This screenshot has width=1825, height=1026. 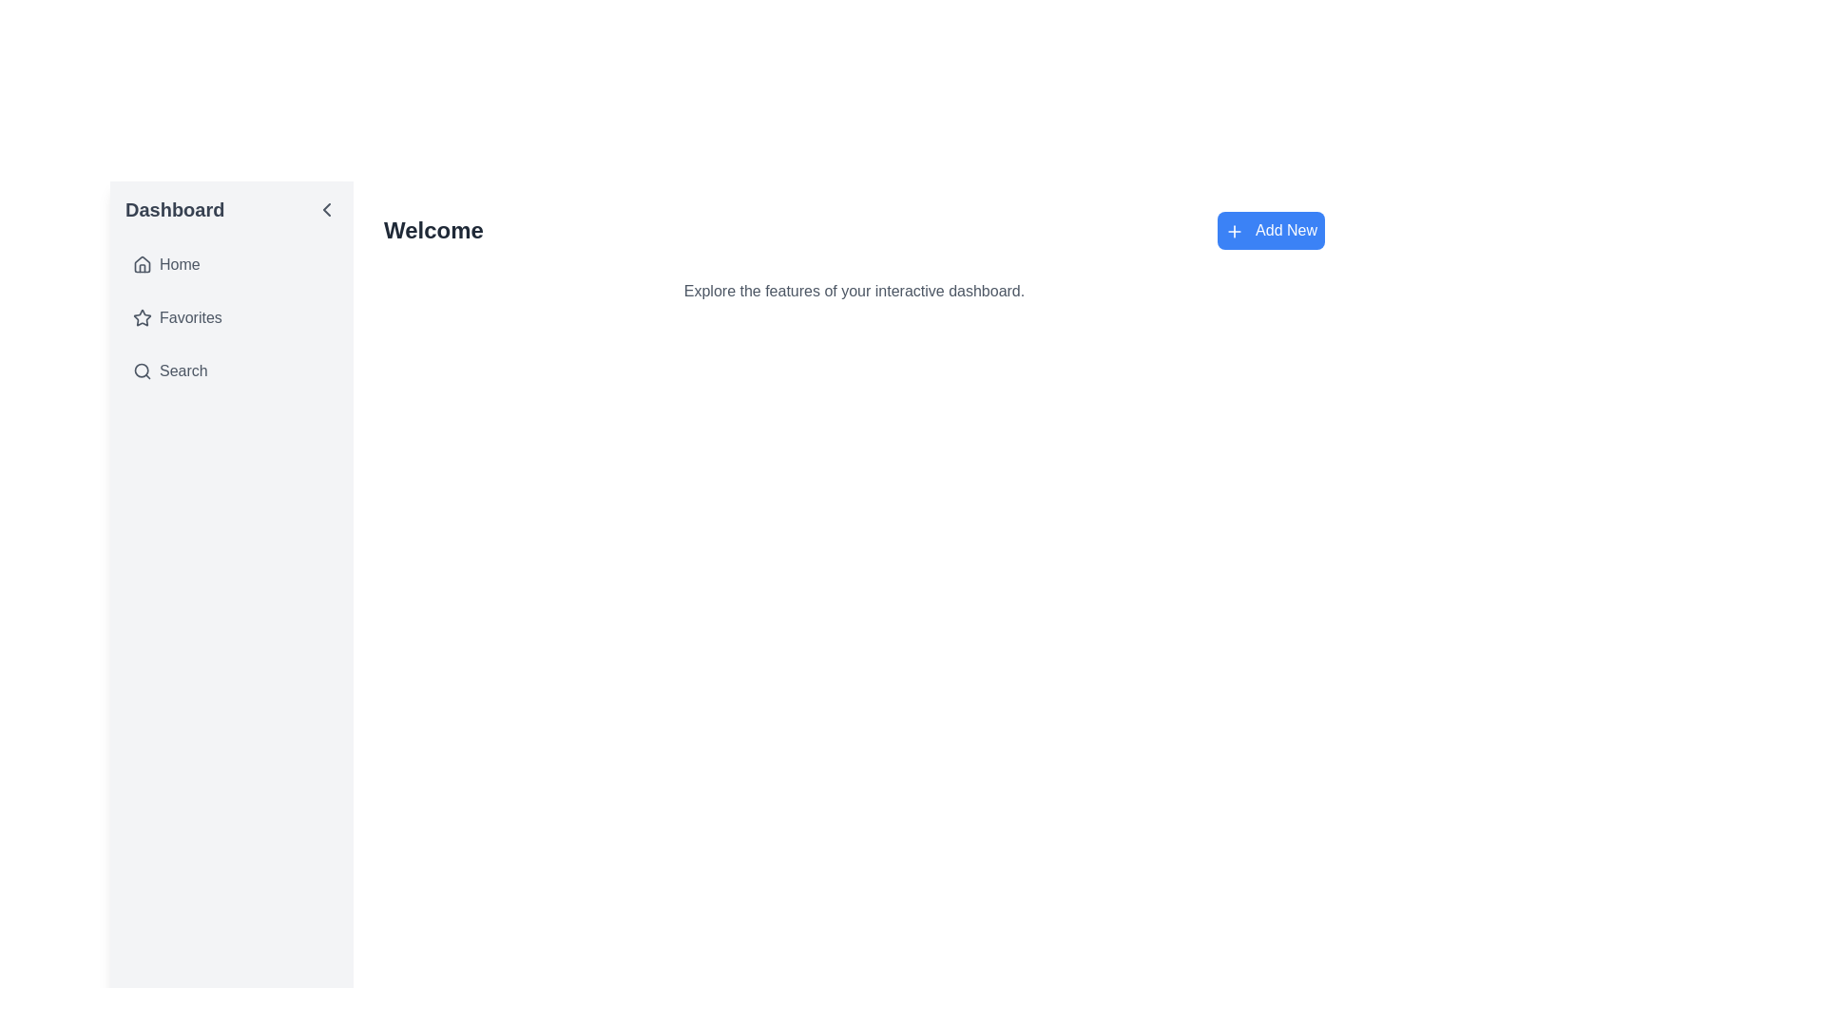 What do you see at coordinates (231, 317) in the screenshot?
I see `the 'Favorites' navigation item in the vertical menu` at bounding box center [231, 317].